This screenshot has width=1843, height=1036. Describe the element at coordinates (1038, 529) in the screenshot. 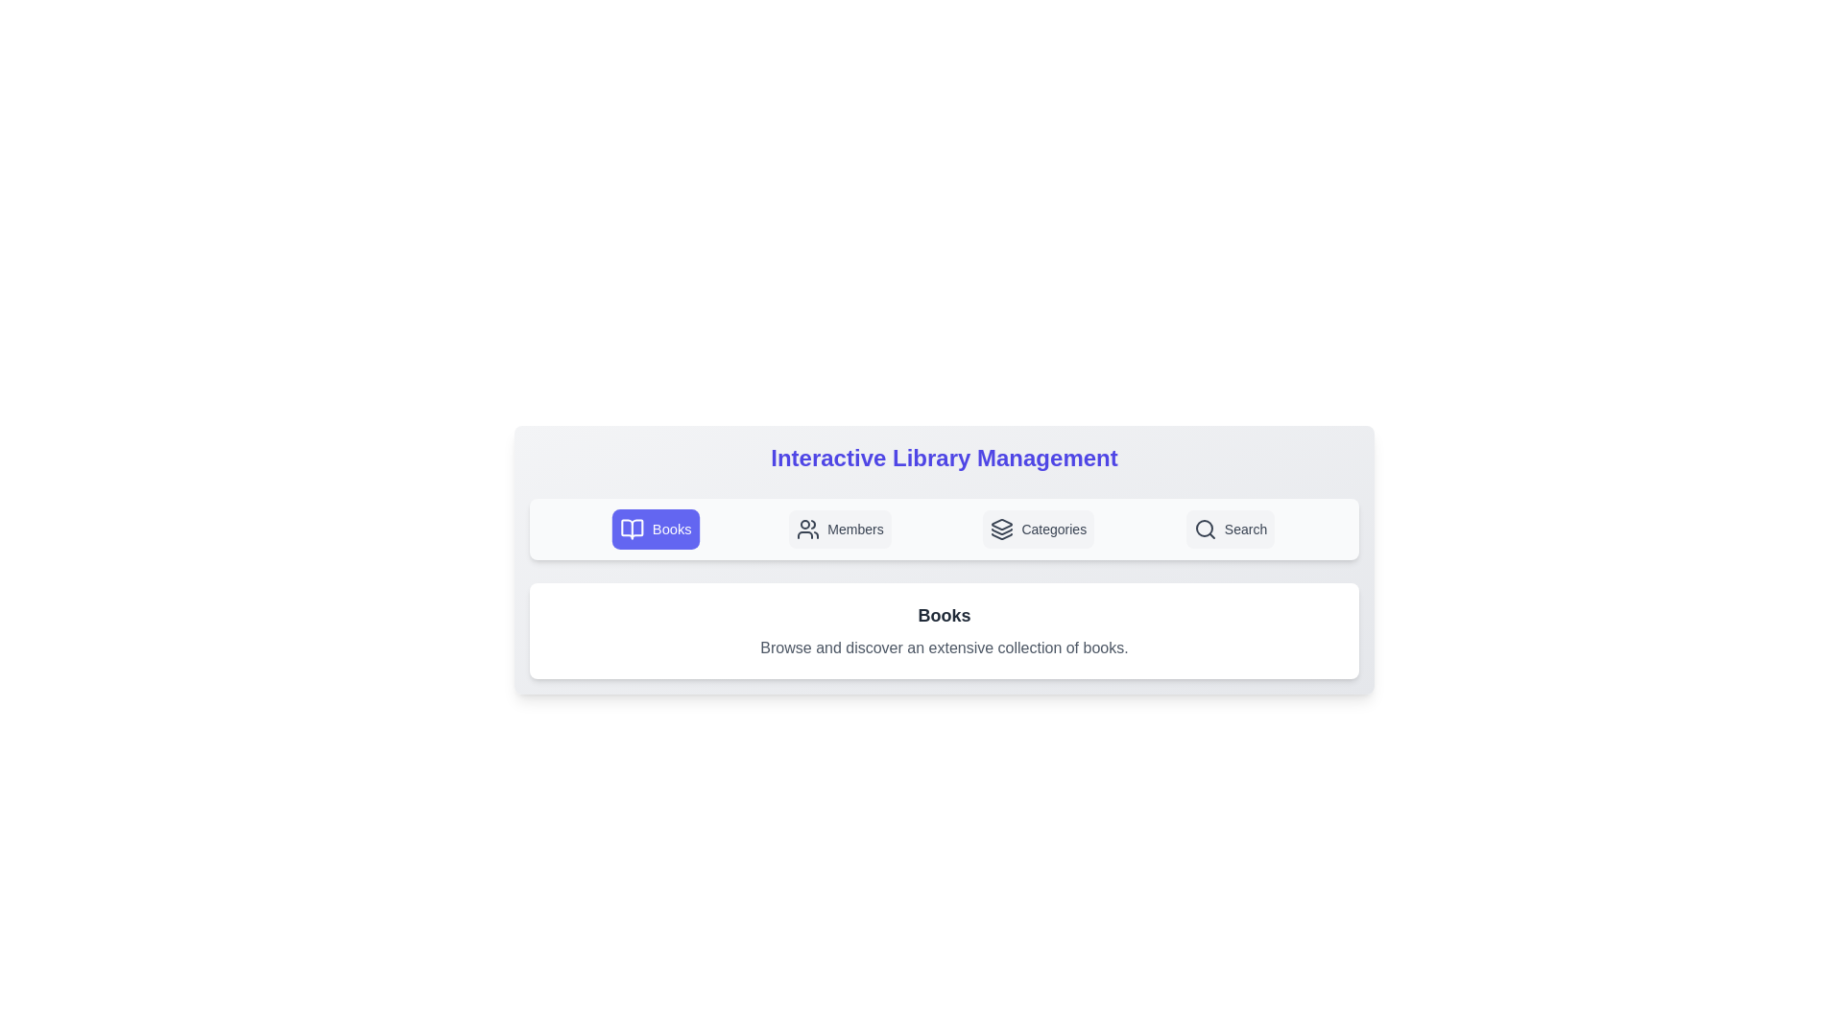

I see `the 'Categories' Navigation button, which is rectangular with rounded corners and has a light gray background` at that location.